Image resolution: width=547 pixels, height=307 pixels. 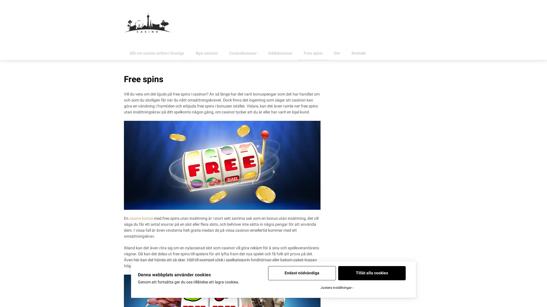 I want to click on Tillat alla cookies, so click(x=372, y=273).